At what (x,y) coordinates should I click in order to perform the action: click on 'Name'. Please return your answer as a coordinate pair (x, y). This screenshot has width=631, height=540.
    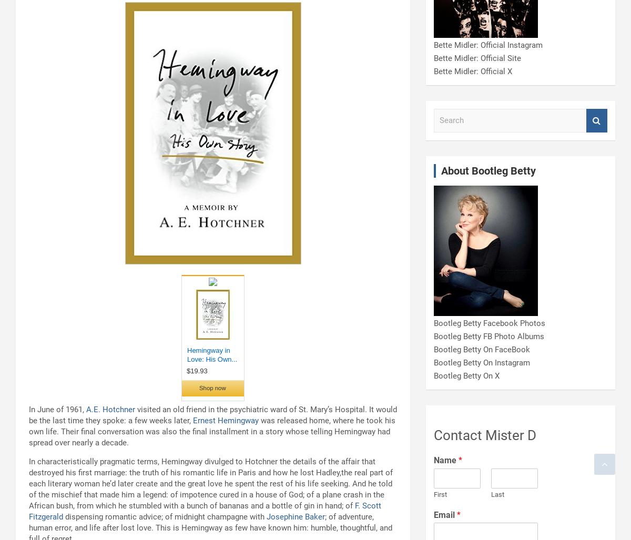
    Looking at the image, I should click on (445, 459).